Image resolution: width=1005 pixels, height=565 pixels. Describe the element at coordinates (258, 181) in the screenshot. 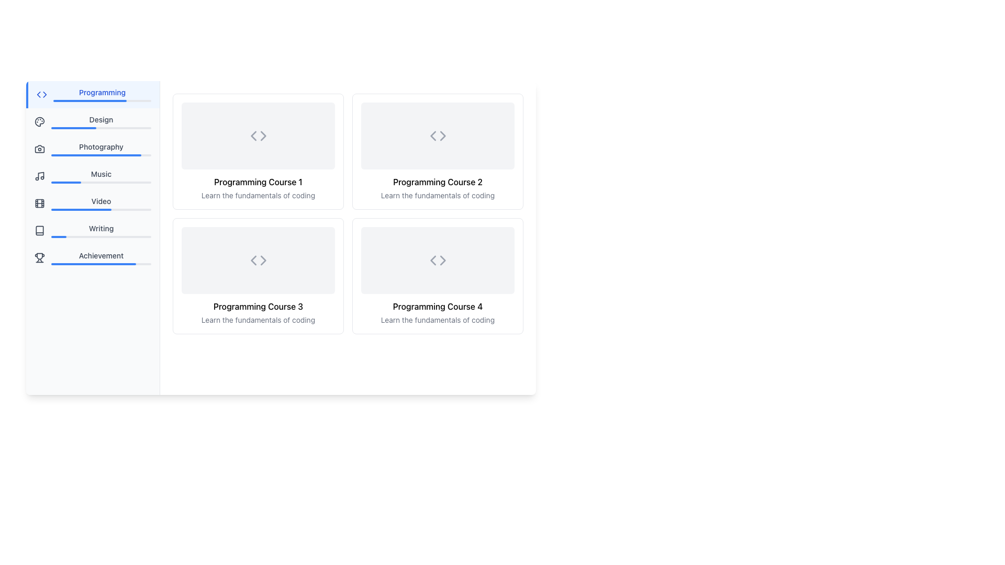

I see `title text displayed in the first course card, located near the lower section of the card, above the subtitle` at that location.